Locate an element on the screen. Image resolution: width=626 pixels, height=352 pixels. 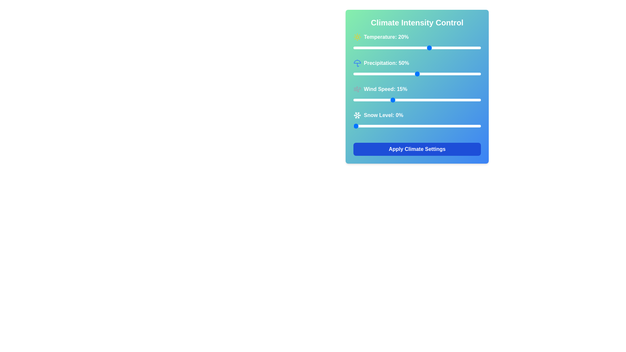
the Temperature is located at coordinates (381, 47).